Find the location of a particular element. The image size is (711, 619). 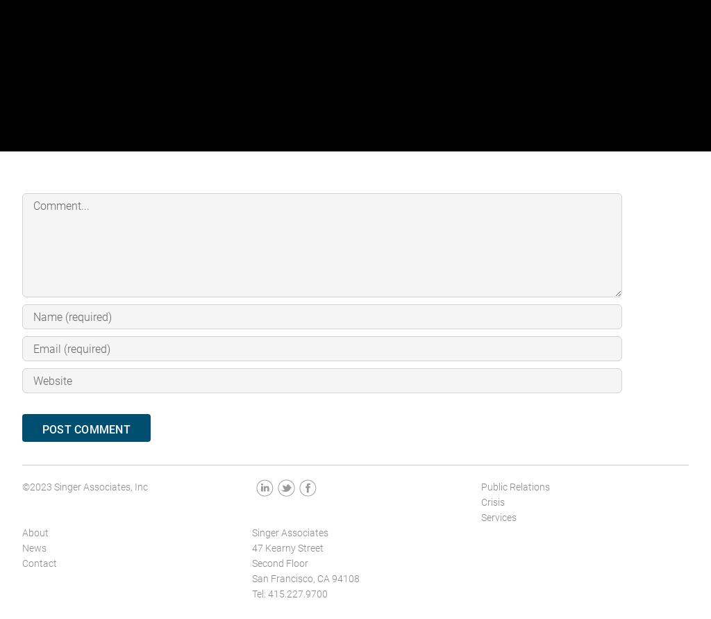

'Services' is located at coordinates (481, 517).